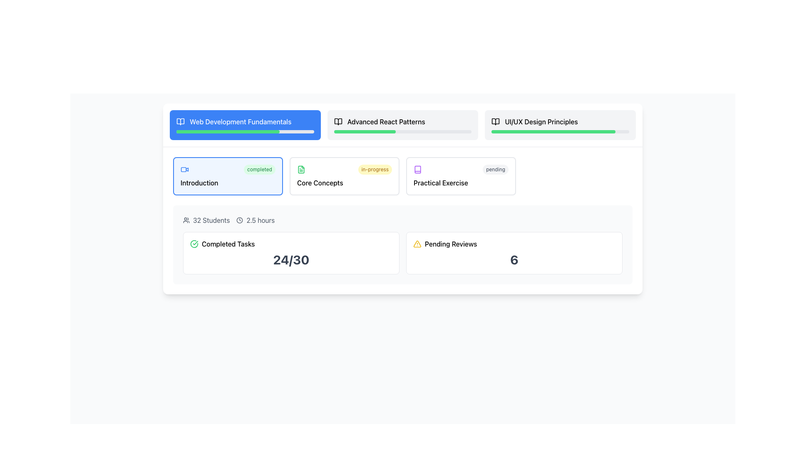 Image resolution: width=799 pixels, height=449 pixels. What do you see at coordinates (301, 169) in the screenshot?
I see `the document icon located in the top-left section of the interface within the card labeled 'Web Development Fundamentals'` at bounding box center [301, 169].